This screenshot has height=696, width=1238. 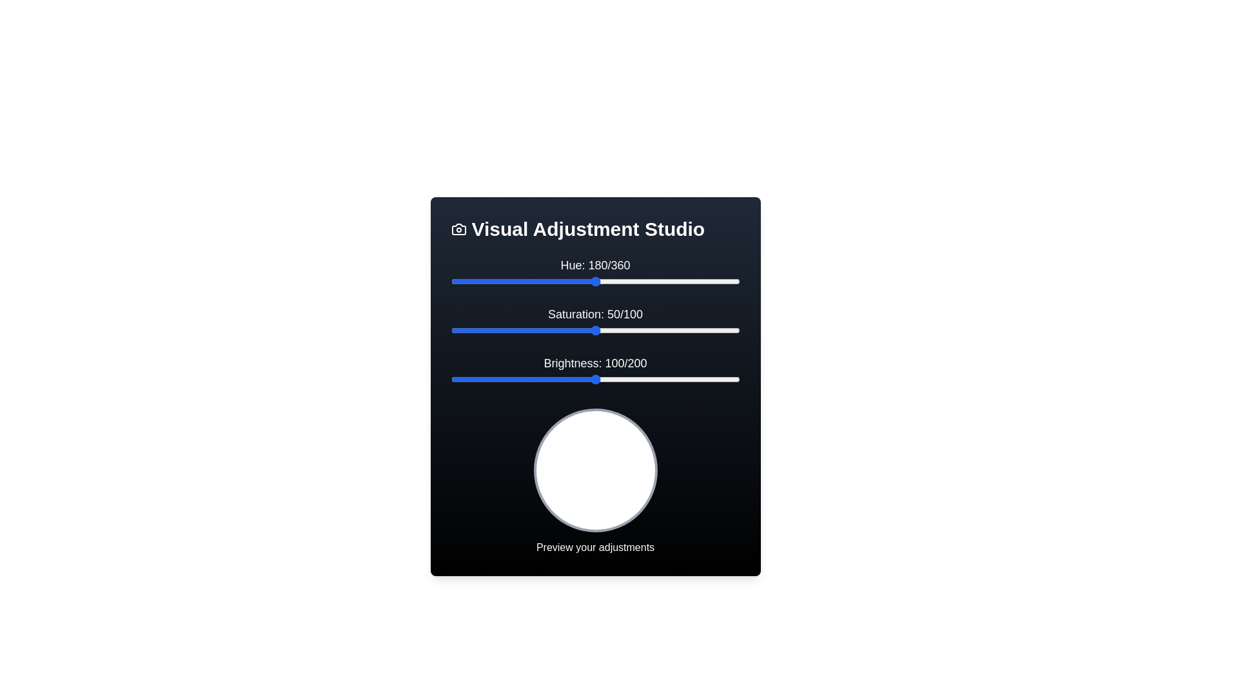 I want to click on the 'Saturation' slider to 50 within its range, so click(x=594, y=330).